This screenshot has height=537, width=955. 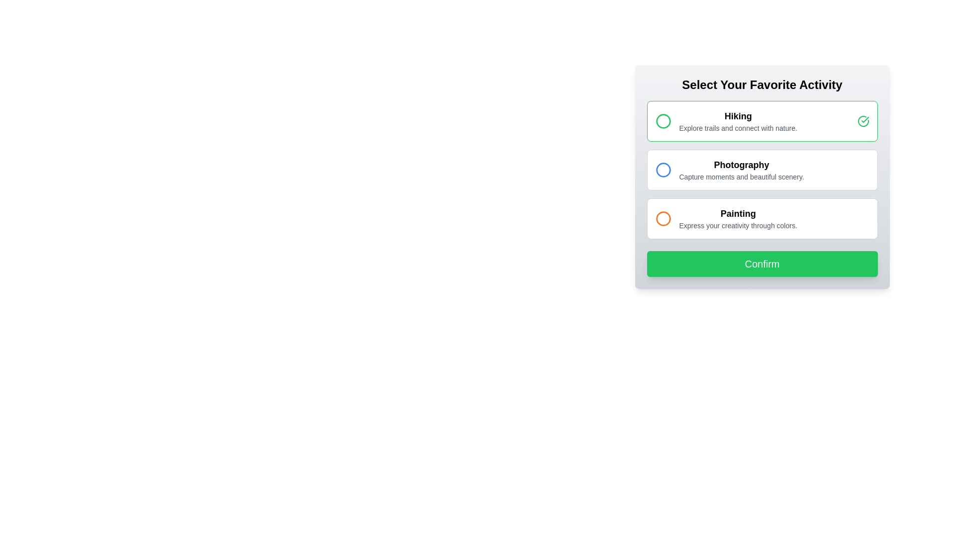 I want to click on the circular icon with an outlined orange stroke at the start of the 'Painting' option row, which is the third row in the vertical list of activity options, so click(x=663, y=218).